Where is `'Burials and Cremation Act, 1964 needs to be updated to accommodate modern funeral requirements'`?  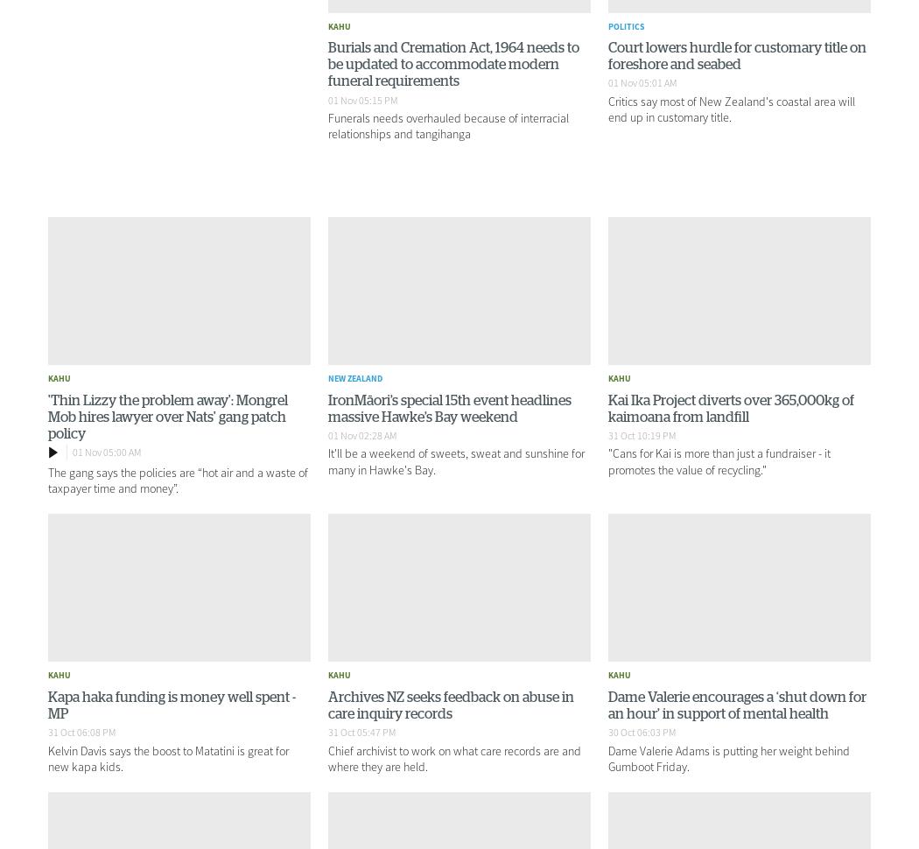
'Burials and Cremation Act, 1964 needs to be updated to accommodate modern funeral requirements' is located at coordinates (452, 64).